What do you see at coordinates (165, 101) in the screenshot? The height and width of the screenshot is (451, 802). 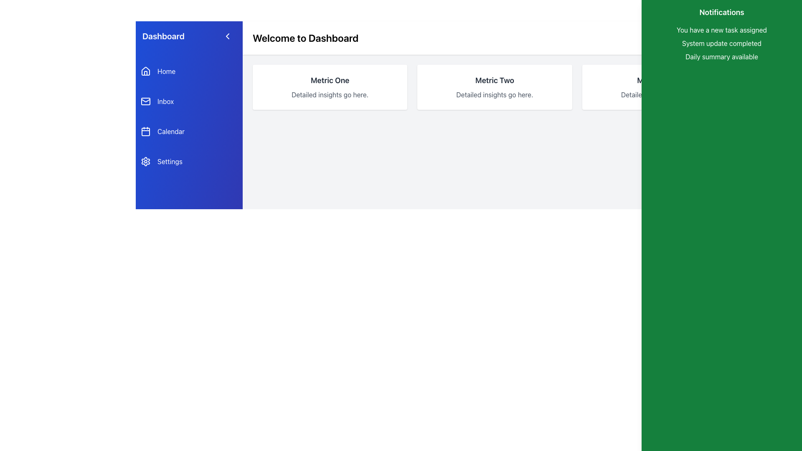 I see `the 'Inbox' menu item located in the vertical navigation bar, positioned below 'Home' and above 'Calendar'` at bounding box center [165, 101].